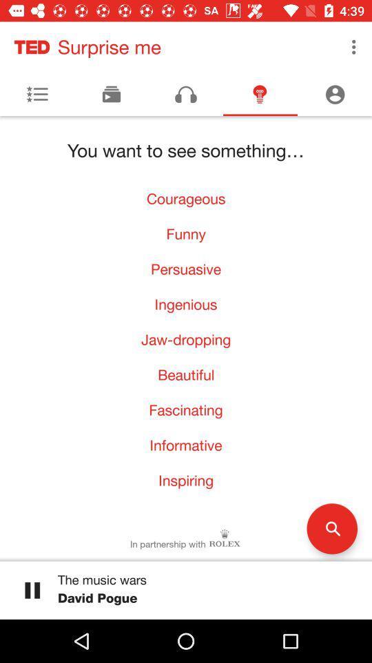 Image resolution: width=372 pixels, height=663 pixels. I want to click on item below the ingenious item, so click(186, 338).